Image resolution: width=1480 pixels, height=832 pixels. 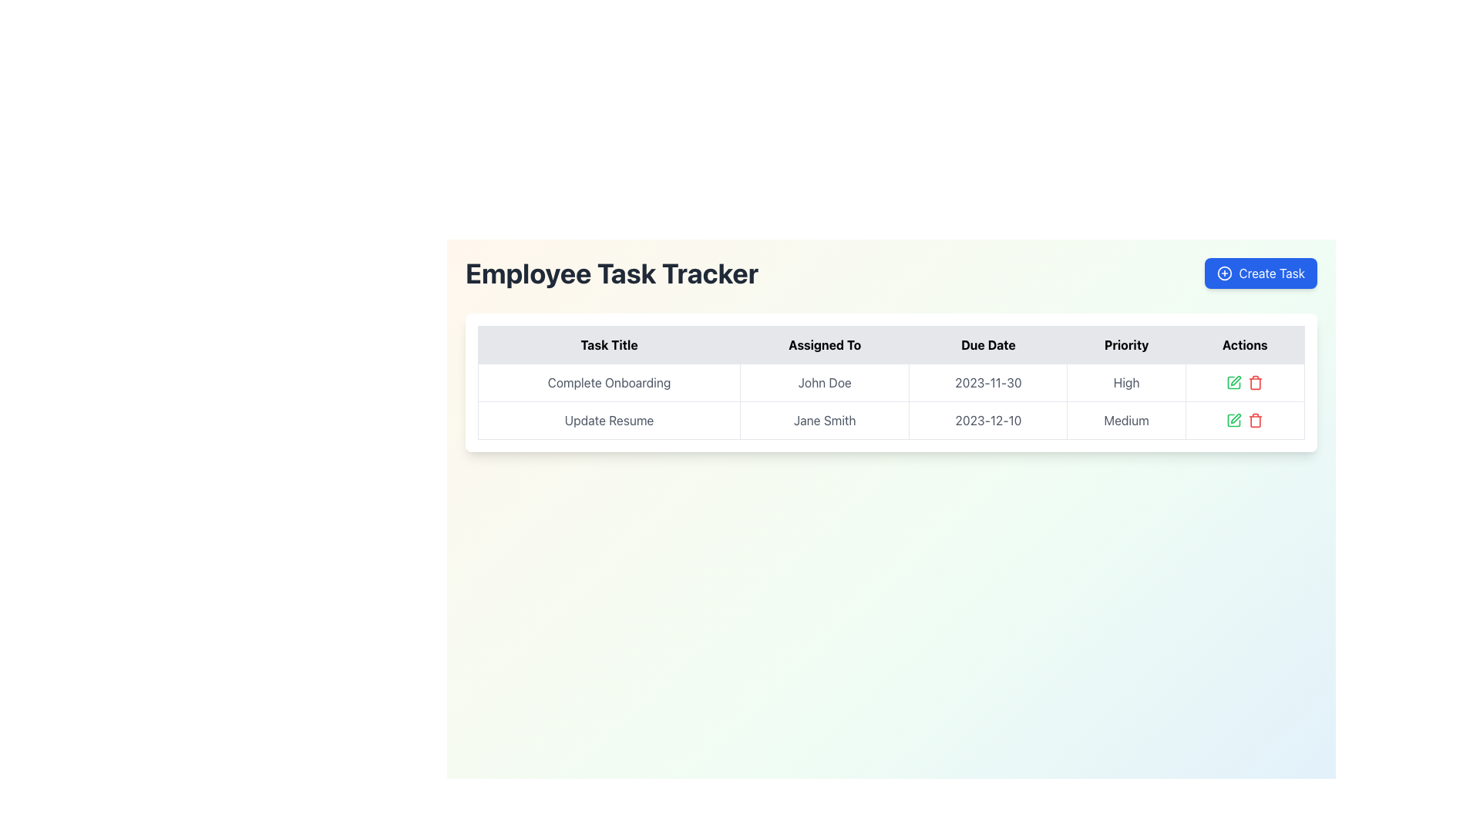 I want to click on the 'High' priority text label within the task management interface, located in the fourth column of the 'Complete Onboarding' row under the 'Priority' column, so click(x=1126, y=382).